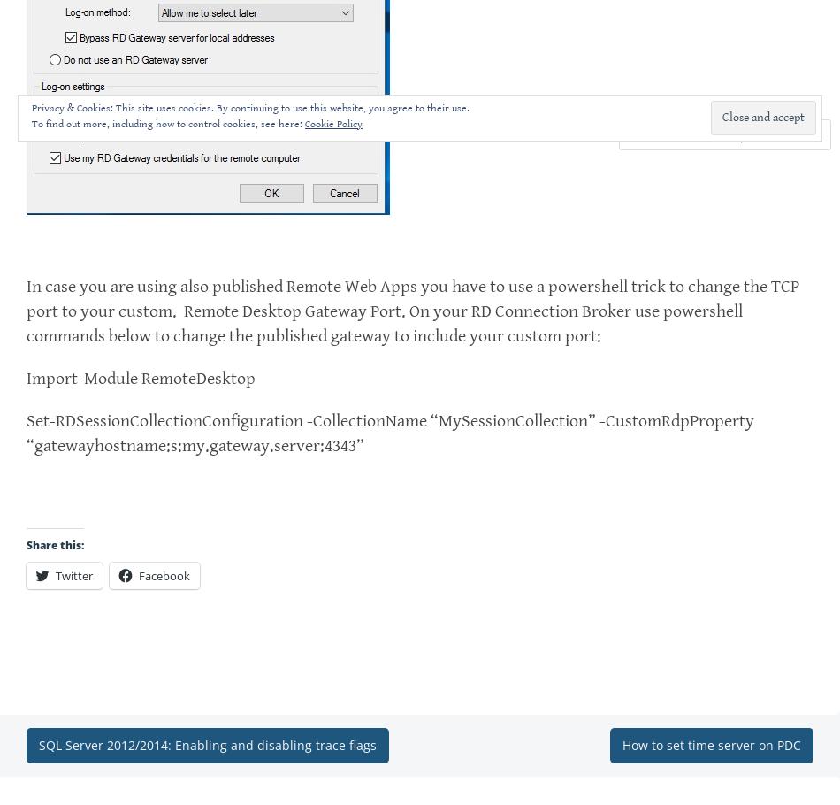 The image size is (840, 805). I want to click on 'Cookie Policy', so click(332, 123).